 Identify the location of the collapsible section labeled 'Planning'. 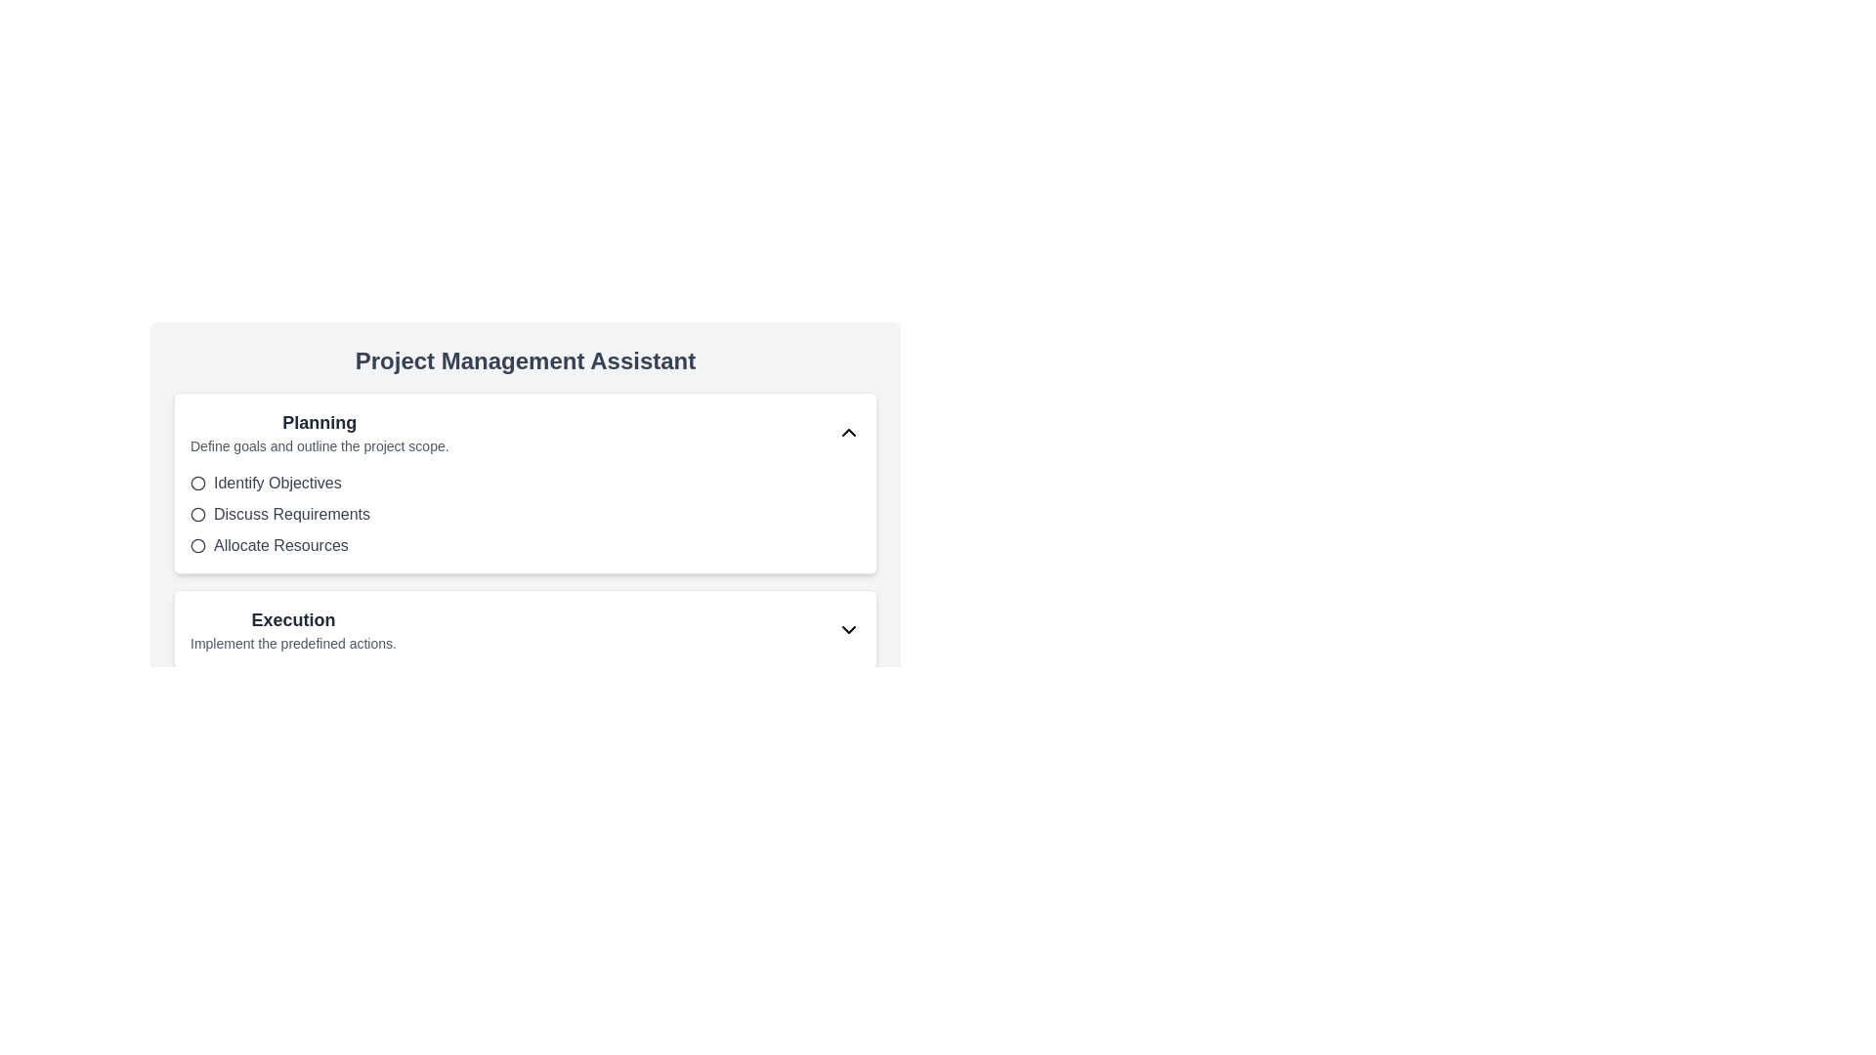
(525, 482).